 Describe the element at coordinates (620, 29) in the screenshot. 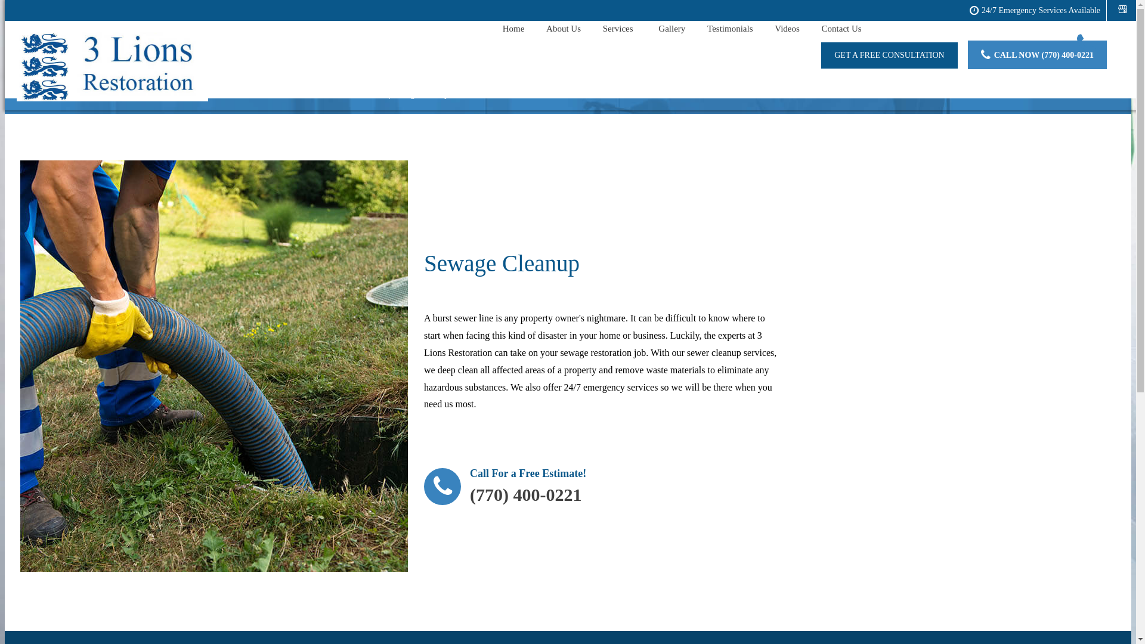

I see `'Services'` at that location.